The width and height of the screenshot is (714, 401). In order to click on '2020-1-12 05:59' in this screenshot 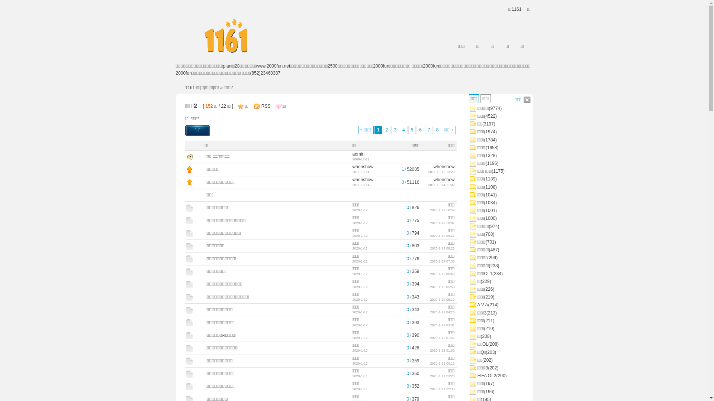, I will do `click(442, 286)`.